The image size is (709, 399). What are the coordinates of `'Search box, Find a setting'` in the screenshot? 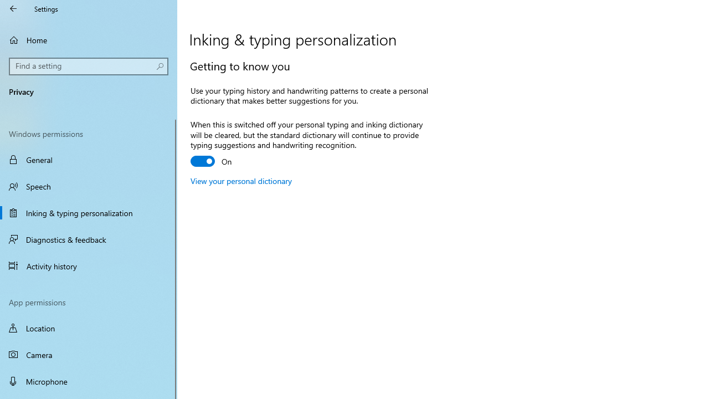 It's located at (89, 66).